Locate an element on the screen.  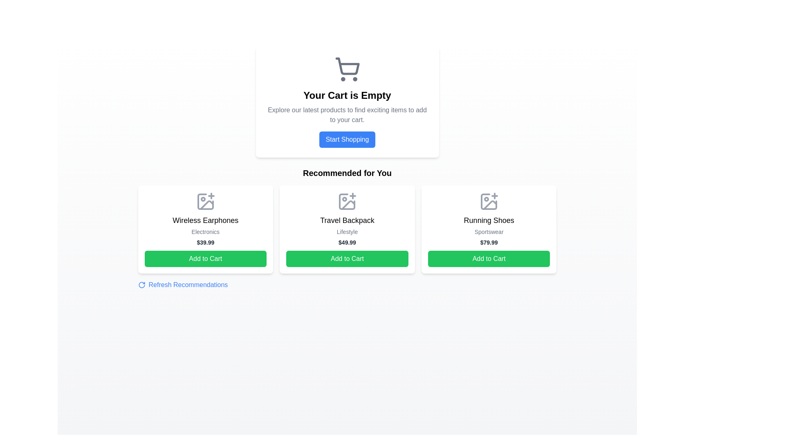
the text label displaying 'Electronics' located in the top-left of the 'Recommended for You' section, positioned beneath 'Wireless Earphones' and above the price '$39.99' is located at coordinates (205, 232).